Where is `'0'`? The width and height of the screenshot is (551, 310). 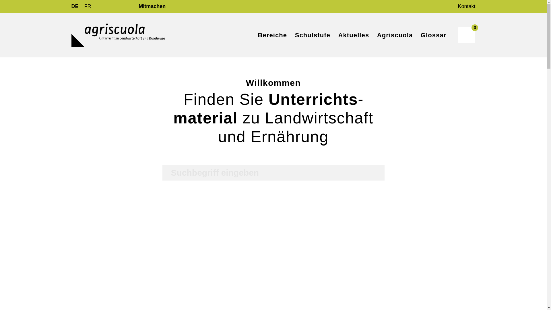
'0' is located at coordinates (466, 35).